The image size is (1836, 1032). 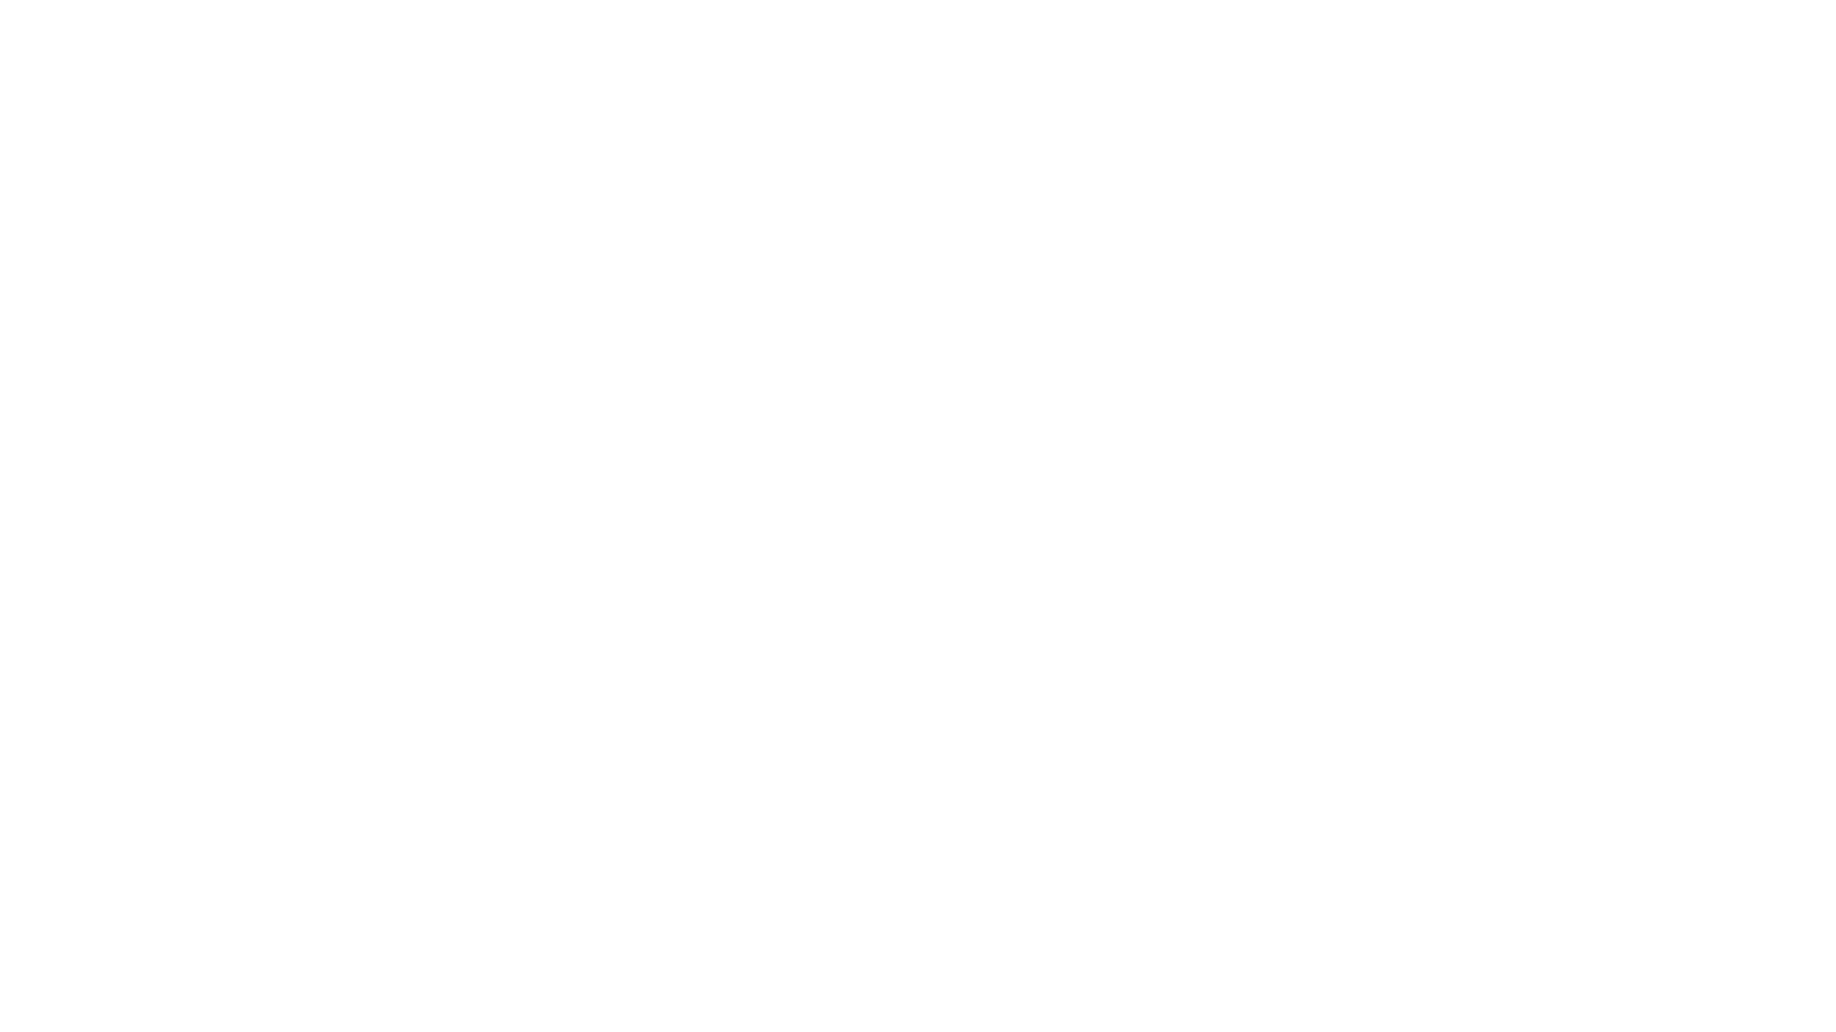 What do you see at coordinates (1358, 346) in the screenshot?
I see `Search` at bounding box center [1358, 346].